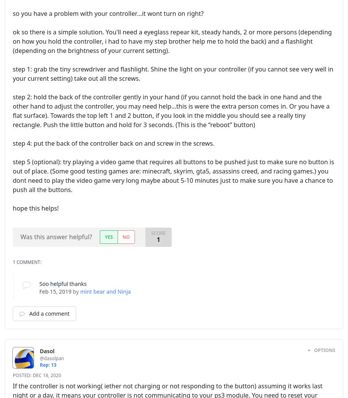 The height and width of the screenshot is (398, 348). Describe the element at coordinates (173, 73) in the screenshot. I see `'step 1: grab the tiny screwdriver and flashlight. Shine the light on your controller (if you cannot see very well in your current setting) take out all the screws.'` at that location.